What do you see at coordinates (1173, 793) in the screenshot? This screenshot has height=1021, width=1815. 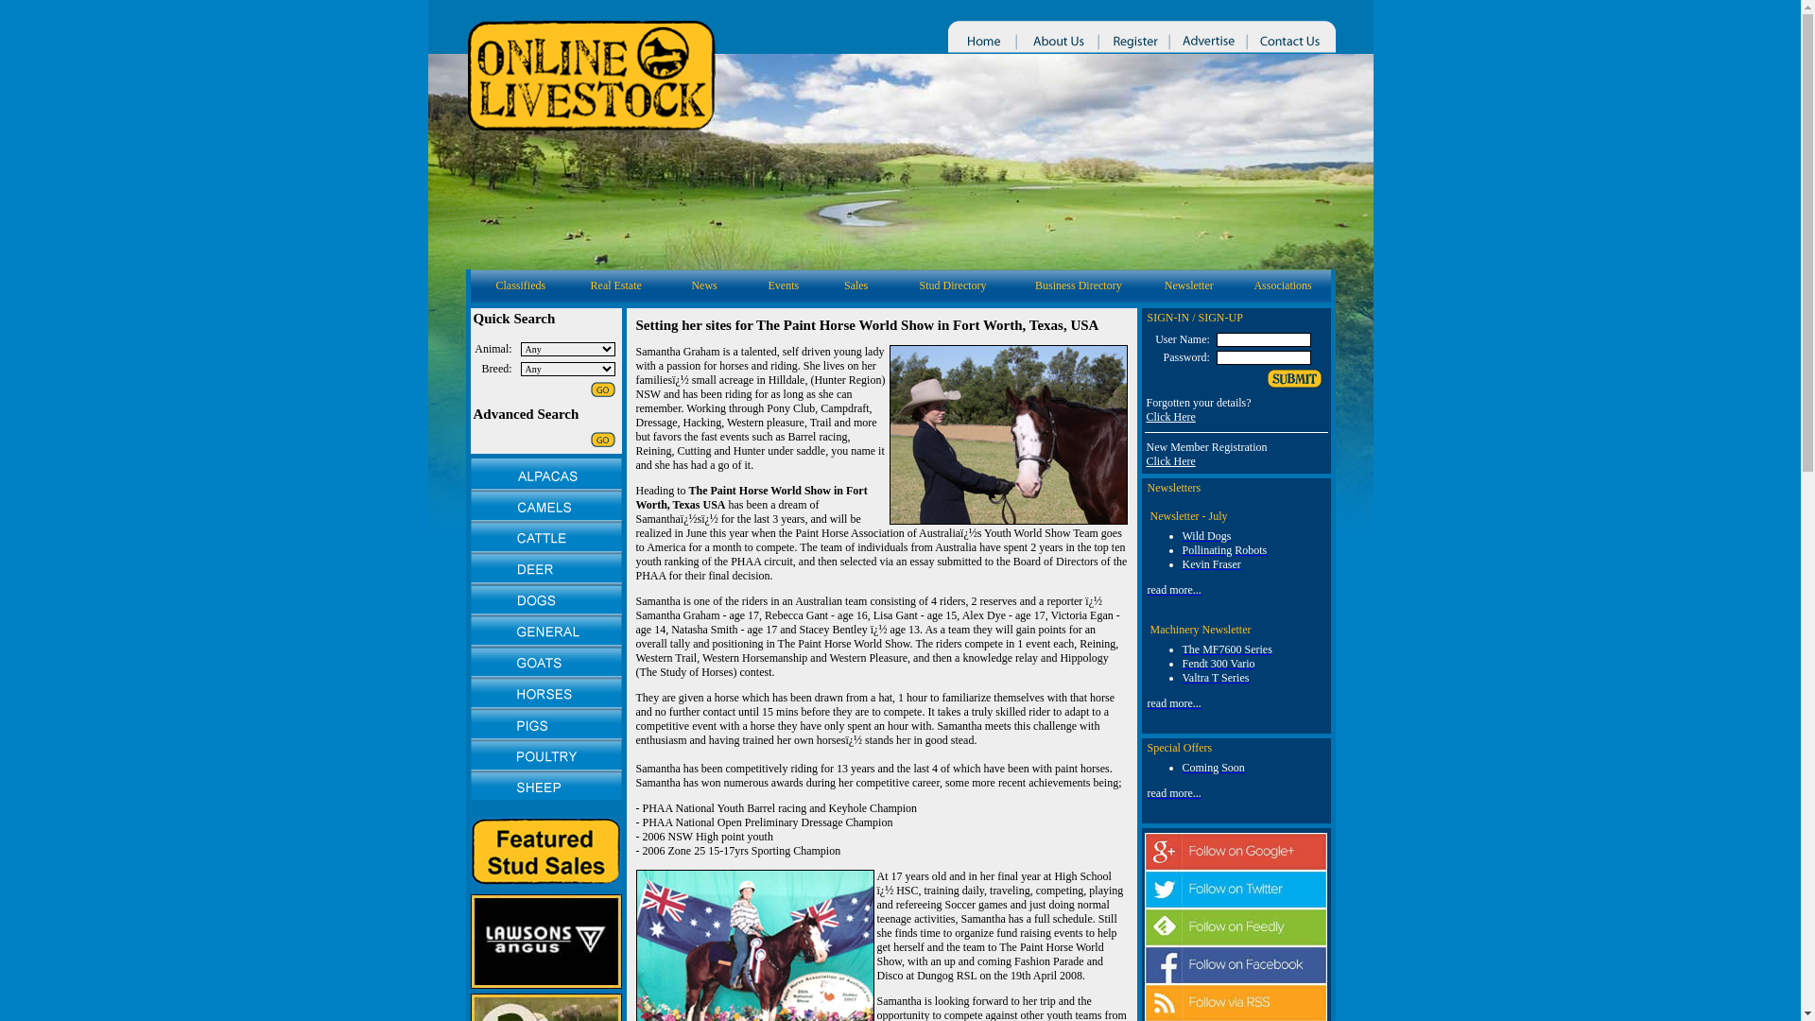 I see `'read more...'` at bounding box center [1173, 793].